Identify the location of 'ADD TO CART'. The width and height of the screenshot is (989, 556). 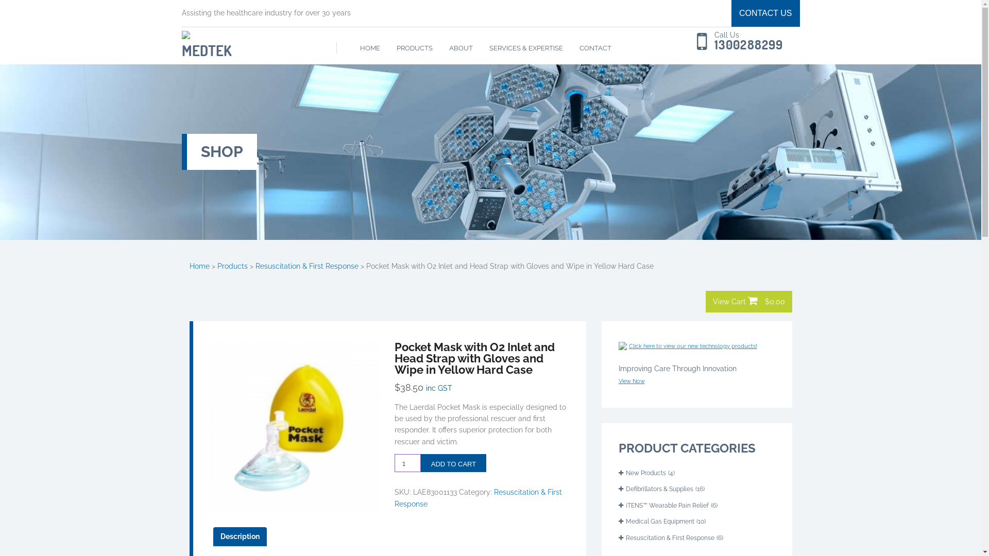
(420, 462).